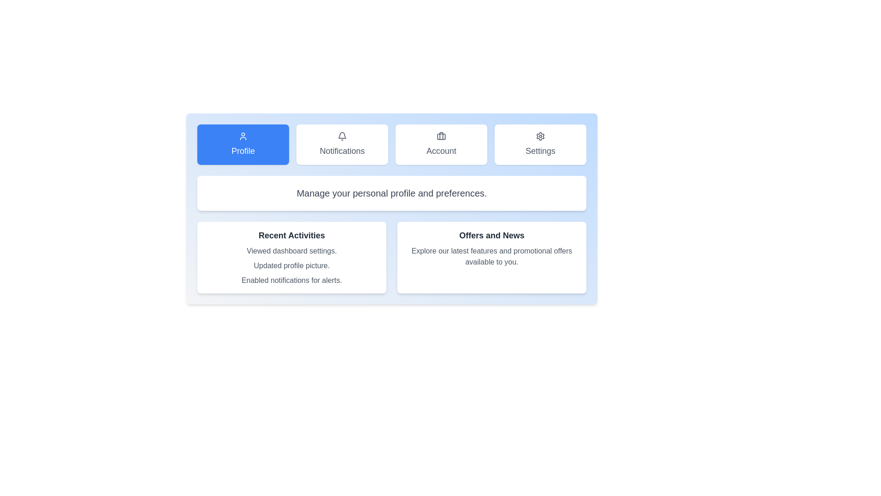  I want to click on the button labeled 'Account', which is styled with a white background and a briefcase icon, so click(441, 145).